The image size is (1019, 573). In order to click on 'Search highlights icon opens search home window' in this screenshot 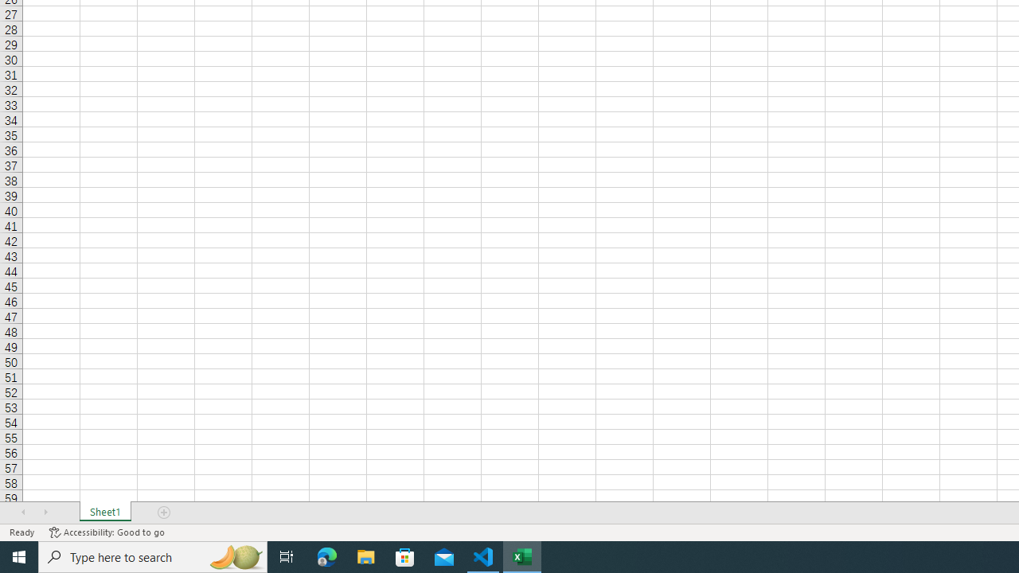, I will do `click(234, 555)`.